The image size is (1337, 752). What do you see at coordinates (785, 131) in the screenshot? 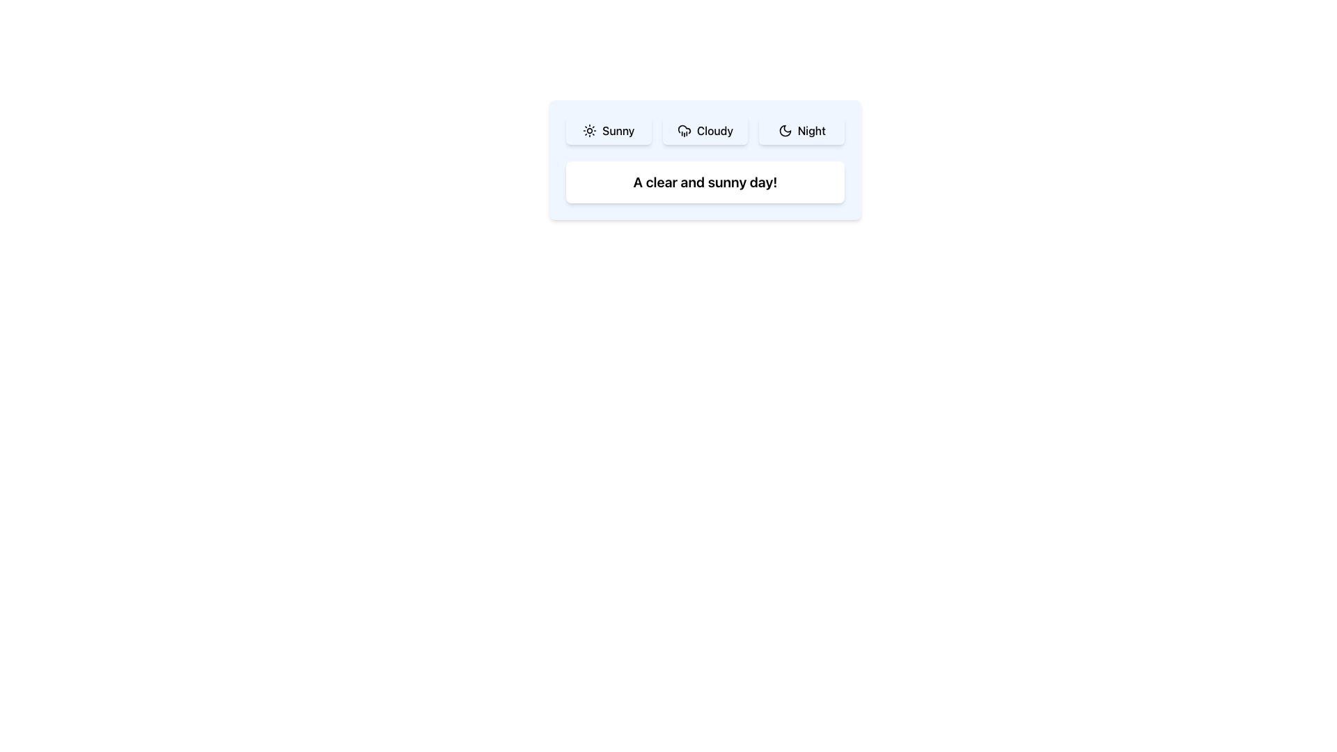
I see `the moon-shaped icon representing the 'Night' option in the weather selection interface` at bounding box center [785, 131].